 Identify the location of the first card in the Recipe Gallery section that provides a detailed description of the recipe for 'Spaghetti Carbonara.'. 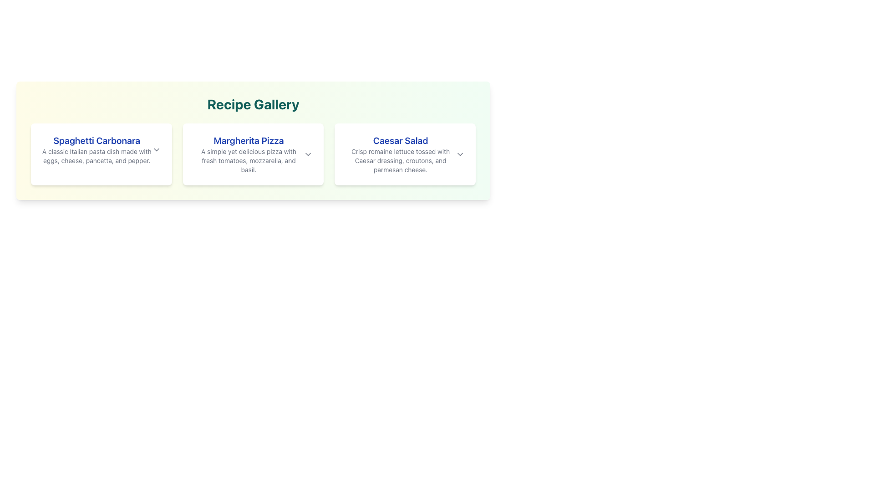
(97, 149).